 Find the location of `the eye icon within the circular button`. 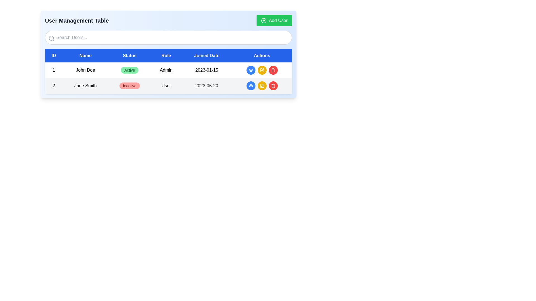

the eye icon within the circular button is located at coordinates (250, 70).